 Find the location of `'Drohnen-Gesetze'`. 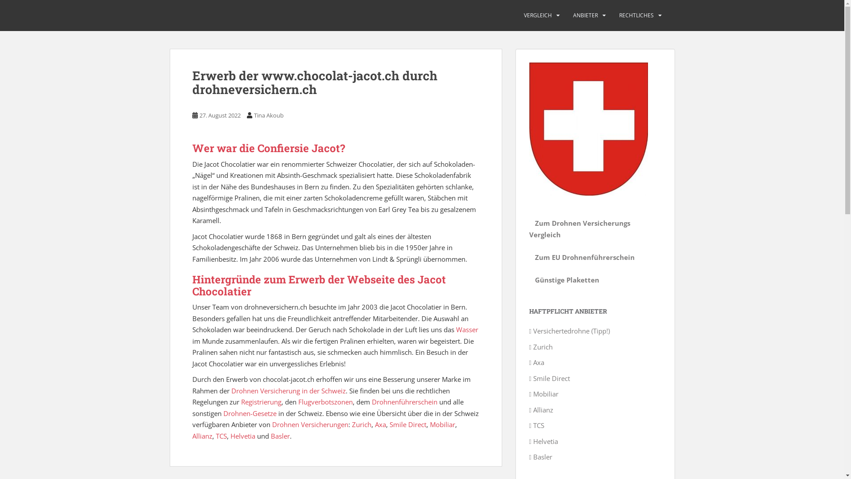

'Drohnen-Gesetze' is located at coordinates (250, 413).